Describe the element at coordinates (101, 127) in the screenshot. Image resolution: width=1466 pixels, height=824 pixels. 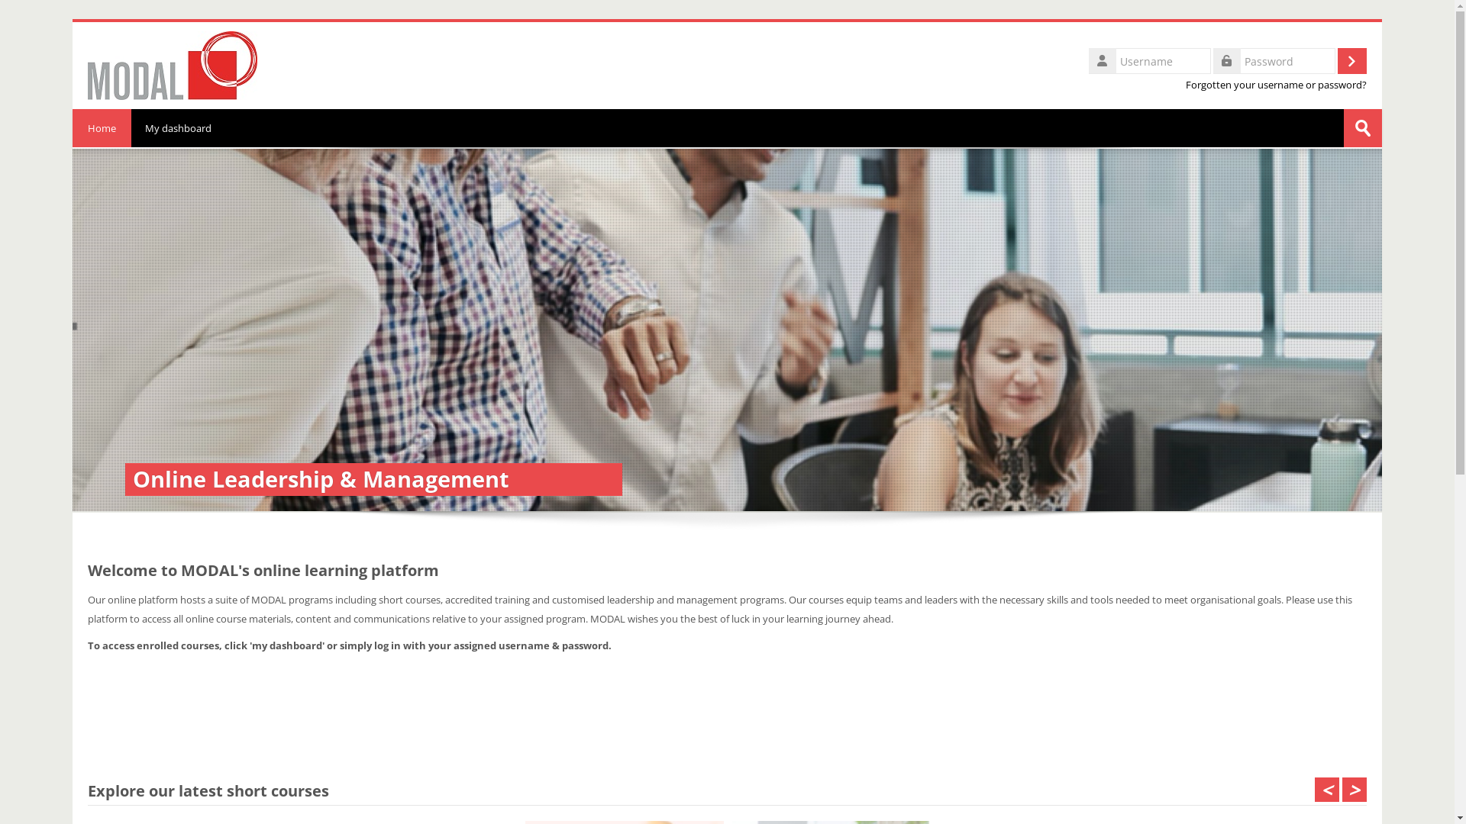
I see `'Home'` at that location.